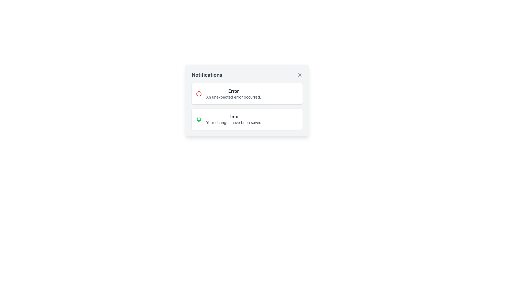 The width and height of the screenshot is (532, 299). What do you see at coordinates (299, 75) in the screenshot?
I see `the 'X' button located in the upper-right corner of the notifications panel` at bounding box center [299, 75].